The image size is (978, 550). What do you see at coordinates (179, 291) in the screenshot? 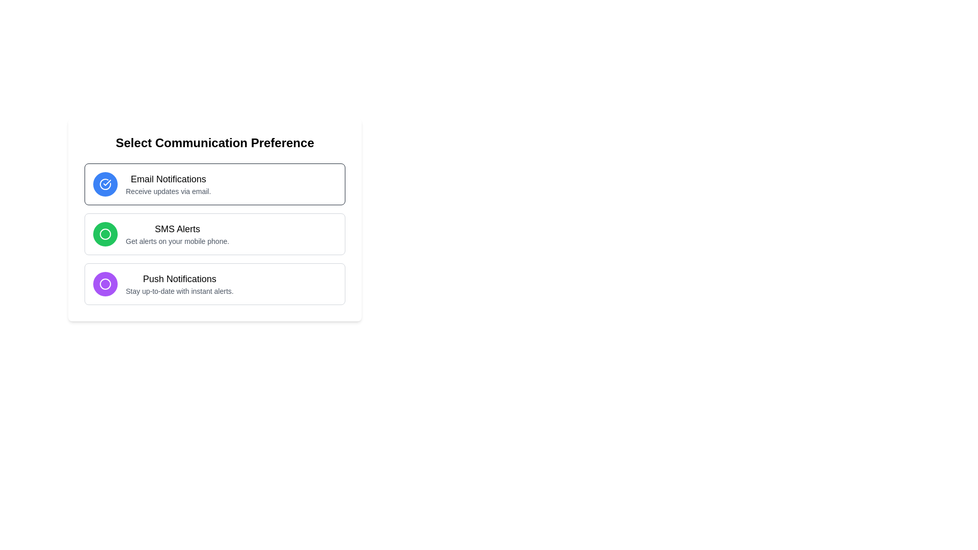
I see `the text label that says 'Stay up-to-date with instant alerts.' which is positioned below the 'Push Notifications' header` at bounding box center [179, 291].